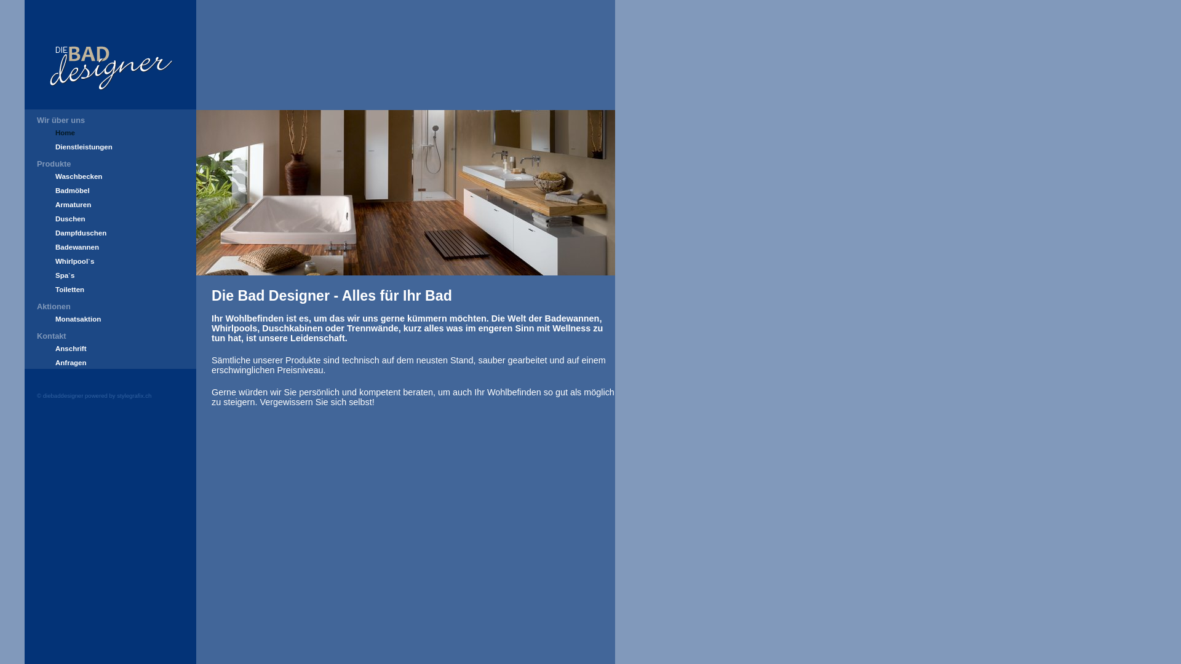  Describe the element at coordinates (70, 218) in the screenshot. I see `'Duschen'` at that location.